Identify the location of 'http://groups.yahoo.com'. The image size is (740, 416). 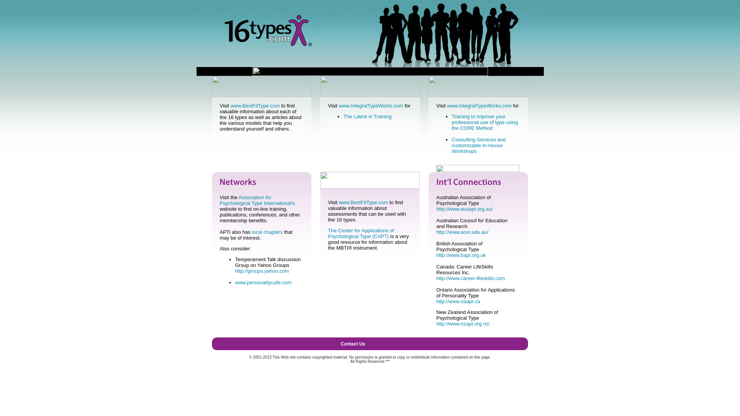
(234, 270).